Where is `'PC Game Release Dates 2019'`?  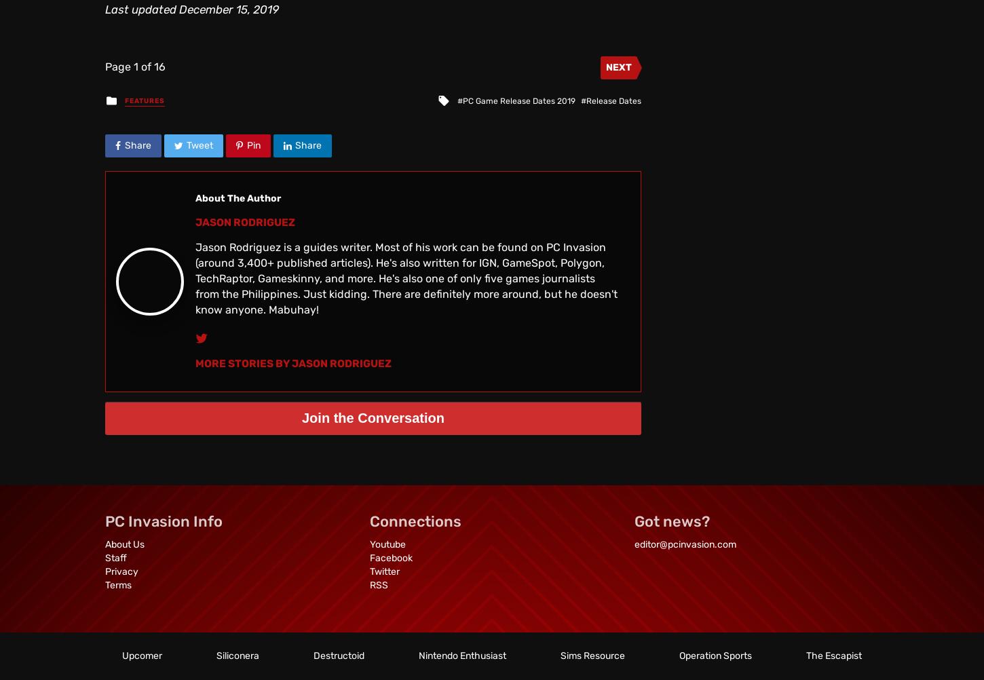
'PC Game Release Dates 2019' is located at coordinates (461, 99).